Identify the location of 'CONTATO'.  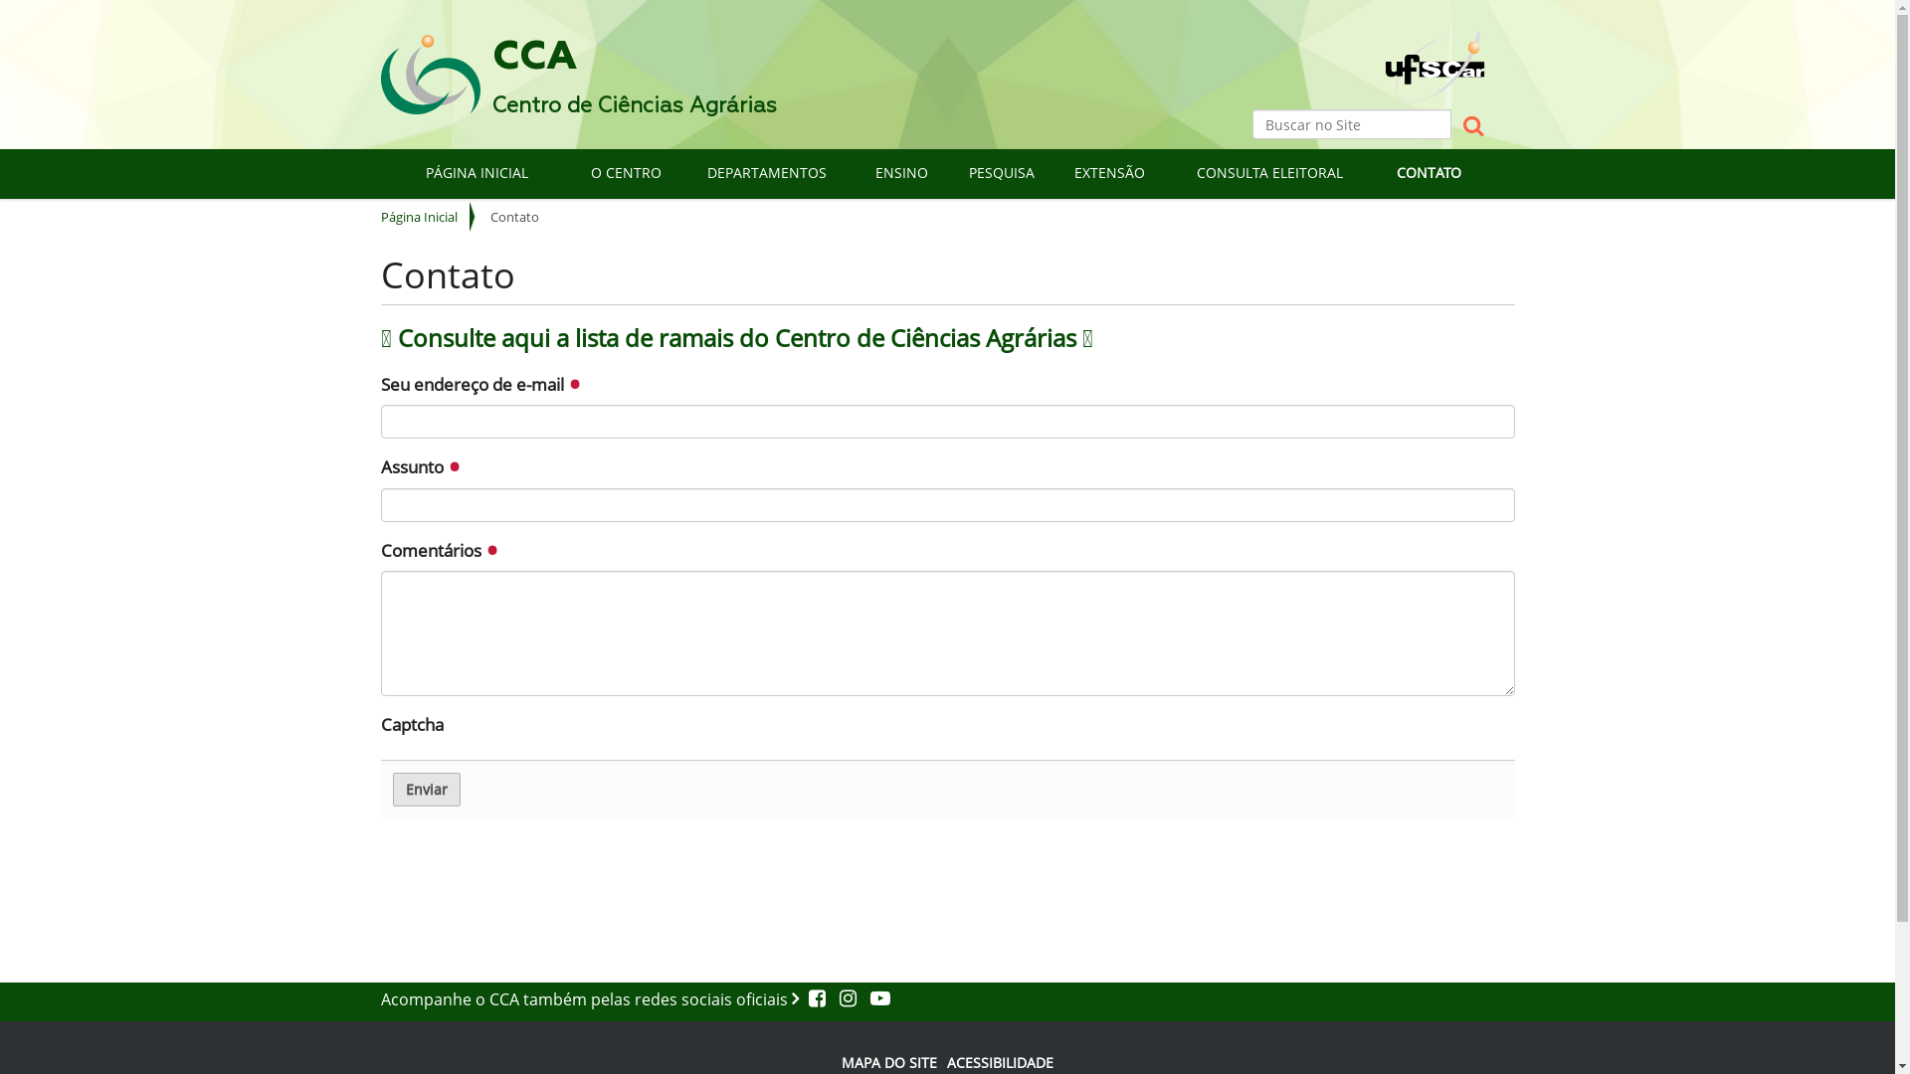
(1373, 171).